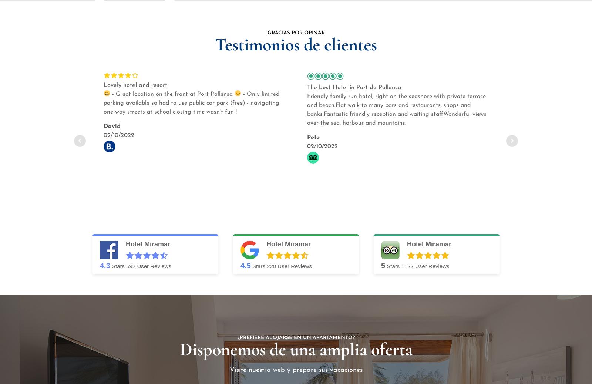 The width and height of the screenshot is (592, 384). What do you see at coordinates (245, 265) in the screenshot?
I see `'4.5'` at bounding box center [245, 265].